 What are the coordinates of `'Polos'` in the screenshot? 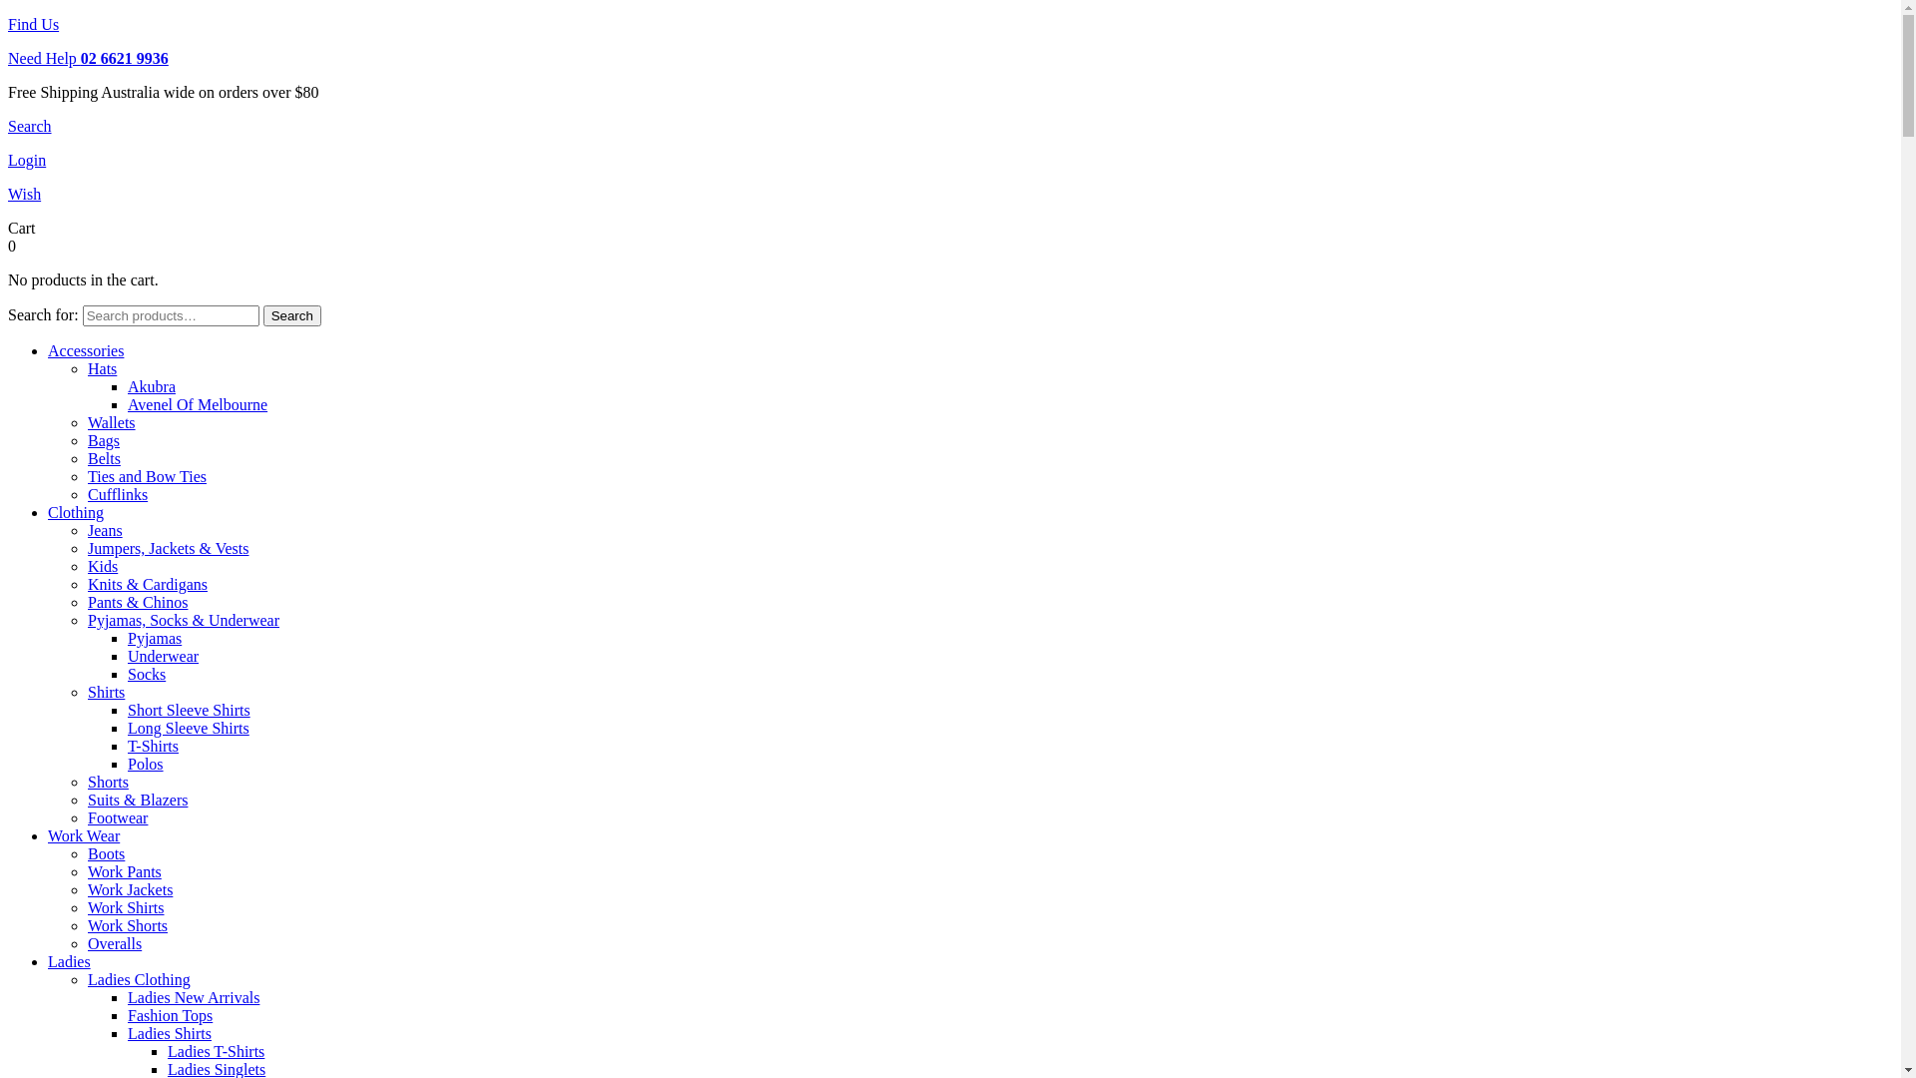 It's located at (144, 764).